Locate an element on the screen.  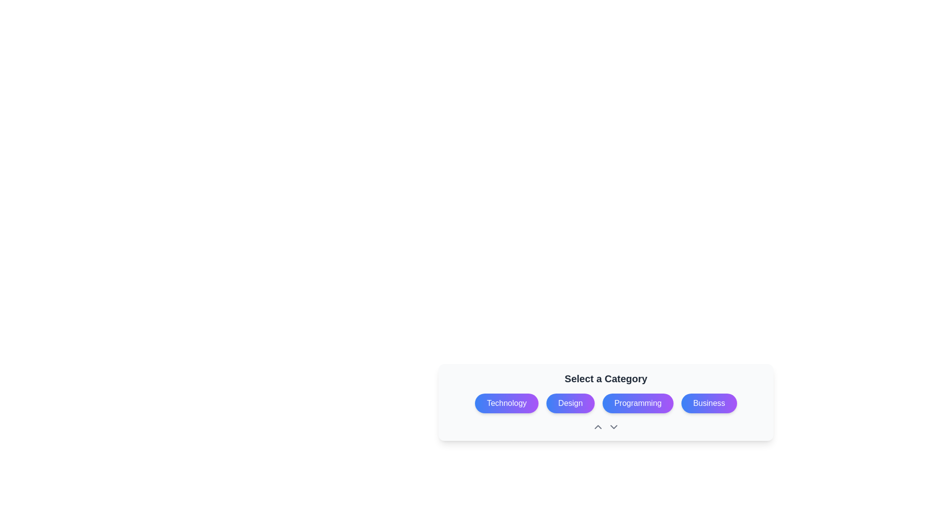
the 'Business' button, which is a rounded rectangular button with a gradient background from blue to purple, centrally aligned text in white, located on the far-right among four buttons under the heading 'Select a Category' is located at coordinates (709, 403).